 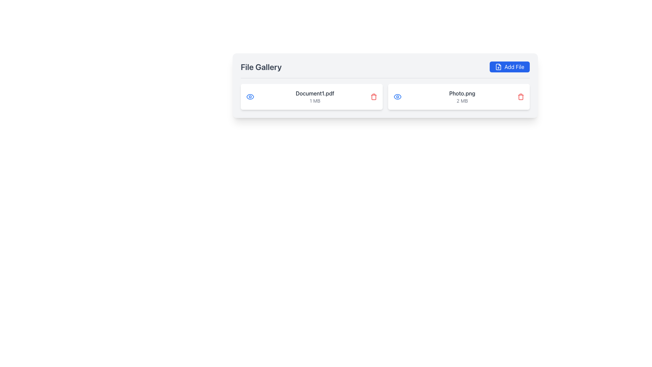 I want to click on the first file entry card in the file gallery, which is located in the left column of the grid layout, so click(x=311, y=97).